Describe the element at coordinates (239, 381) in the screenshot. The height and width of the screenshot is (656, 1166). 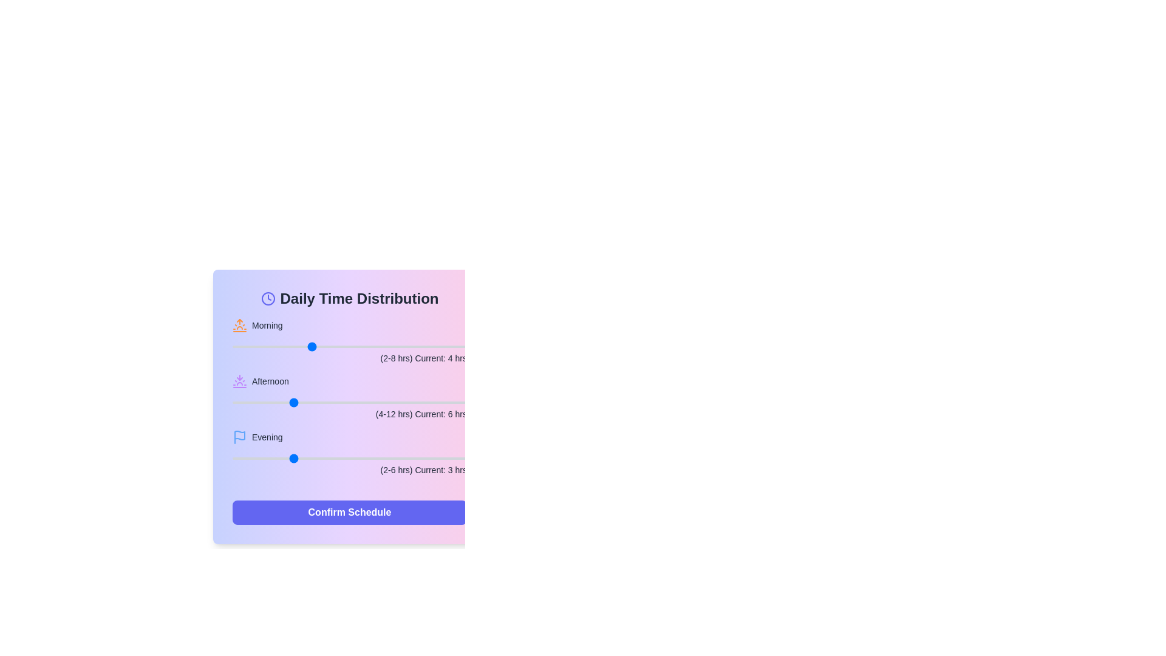
I see `the sunset icon located to the left of the 'Afternoon' text in the 'Daily Time Distribution' section` at that location.